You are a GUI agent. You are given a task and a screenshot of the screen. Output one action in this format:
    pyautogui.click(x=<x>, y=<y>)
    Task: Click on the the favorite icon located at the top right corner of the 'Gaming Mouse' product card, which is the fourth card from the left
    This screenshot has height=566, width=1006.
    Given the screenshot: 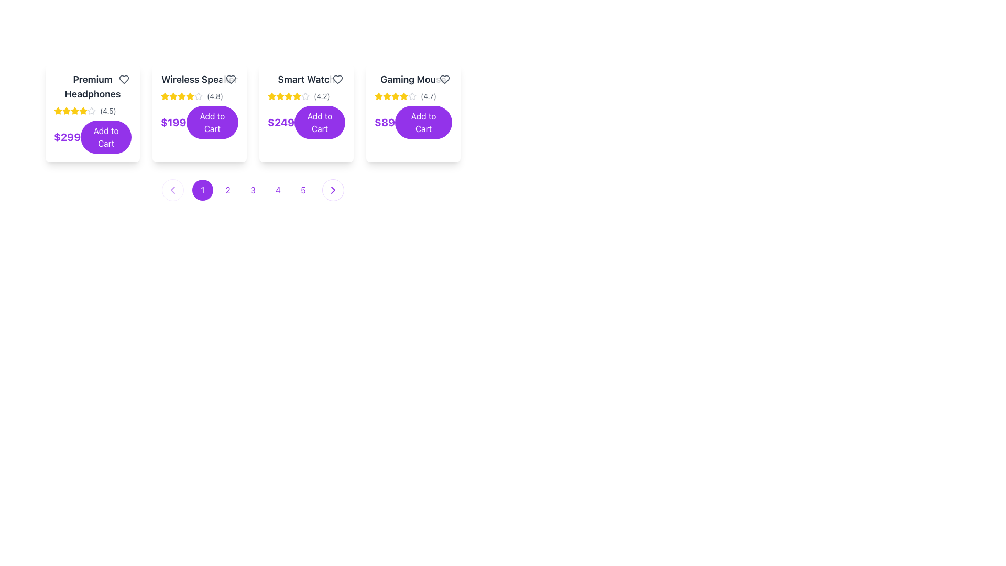 What is the action you would take?
    pyautogui.click(x=445, y=79)
    